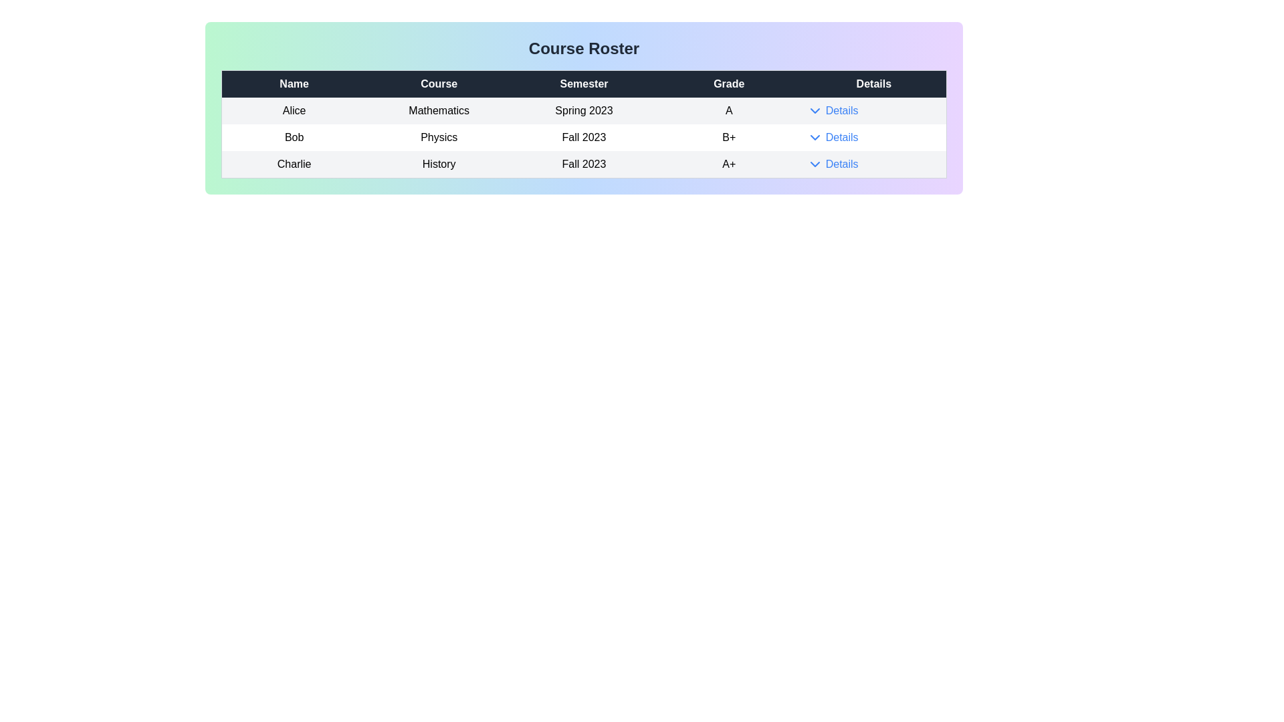 The image size is (1284, 722). I want to click on the 'Details' hyperlink in blue color, located in the last column of the second row under the 'Details' column, aligned with the 'Bob' Name entry, so click(874, 137).